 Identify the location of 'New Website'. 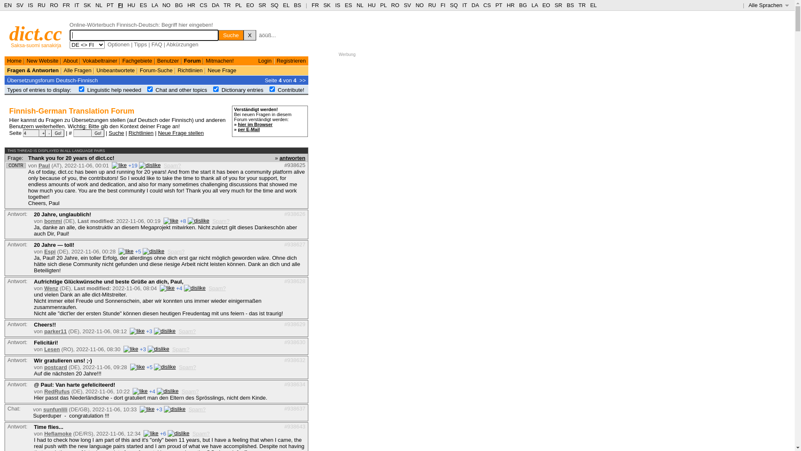
(42, 60).